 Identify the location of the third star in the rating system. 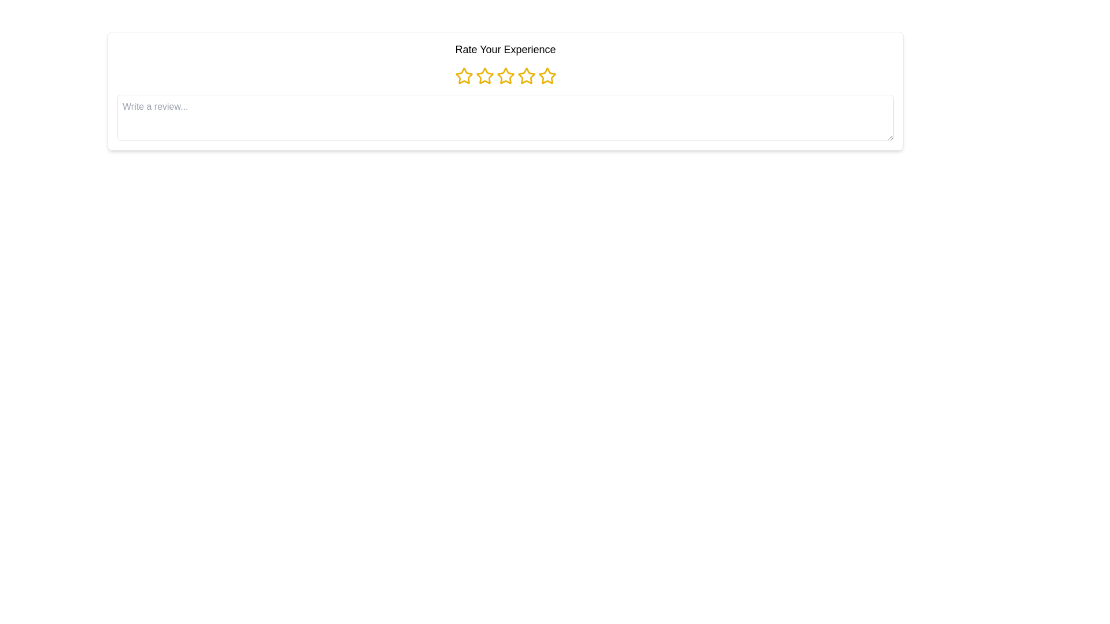
(505, 76).